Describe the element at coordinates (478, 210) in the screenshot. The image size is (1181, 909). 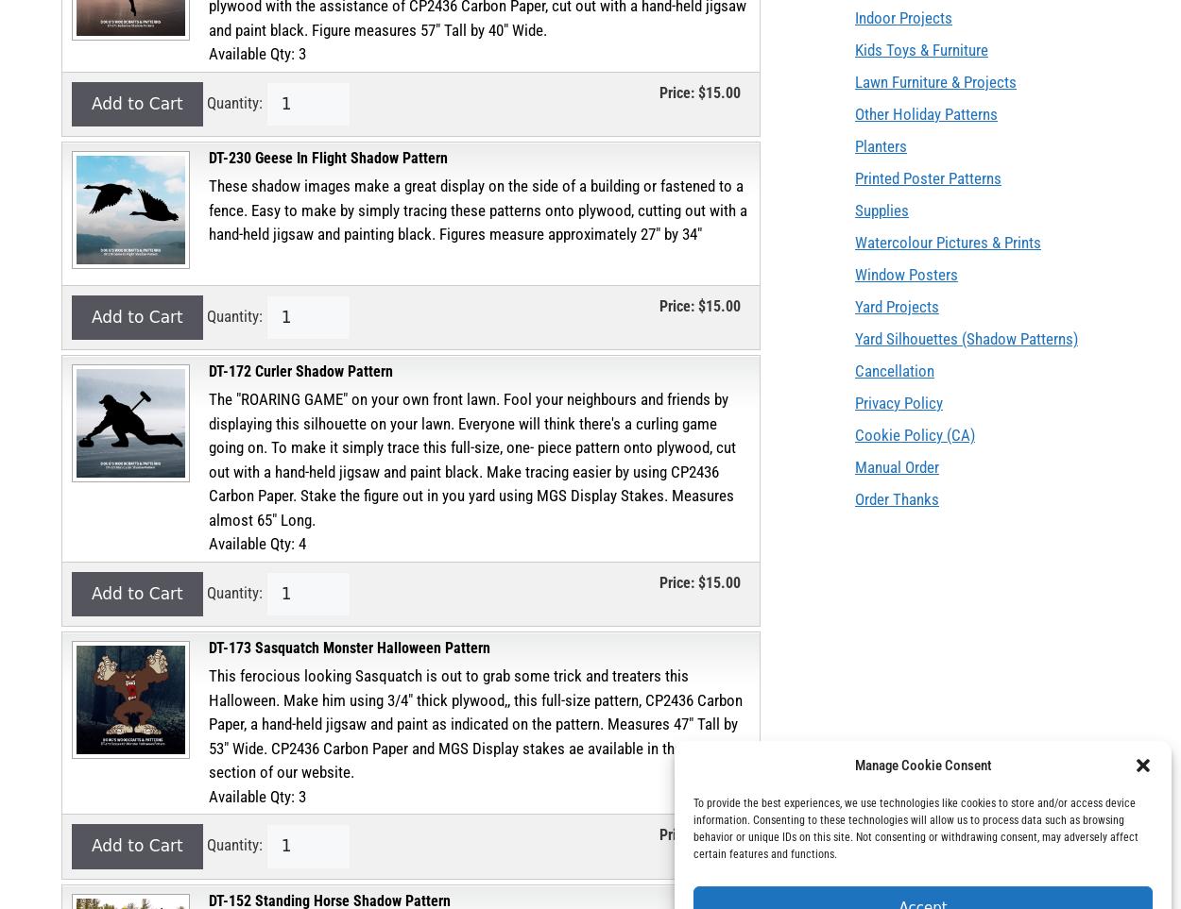
I see `'These shadow images make a great display on the side of a building or fastened to a fence.  Easy to make by simply tracing these patterns onto plywood, cutting out with a hand-held jigsaw and painting black.  Figures measure approximately 27" by 34"'` at that location.